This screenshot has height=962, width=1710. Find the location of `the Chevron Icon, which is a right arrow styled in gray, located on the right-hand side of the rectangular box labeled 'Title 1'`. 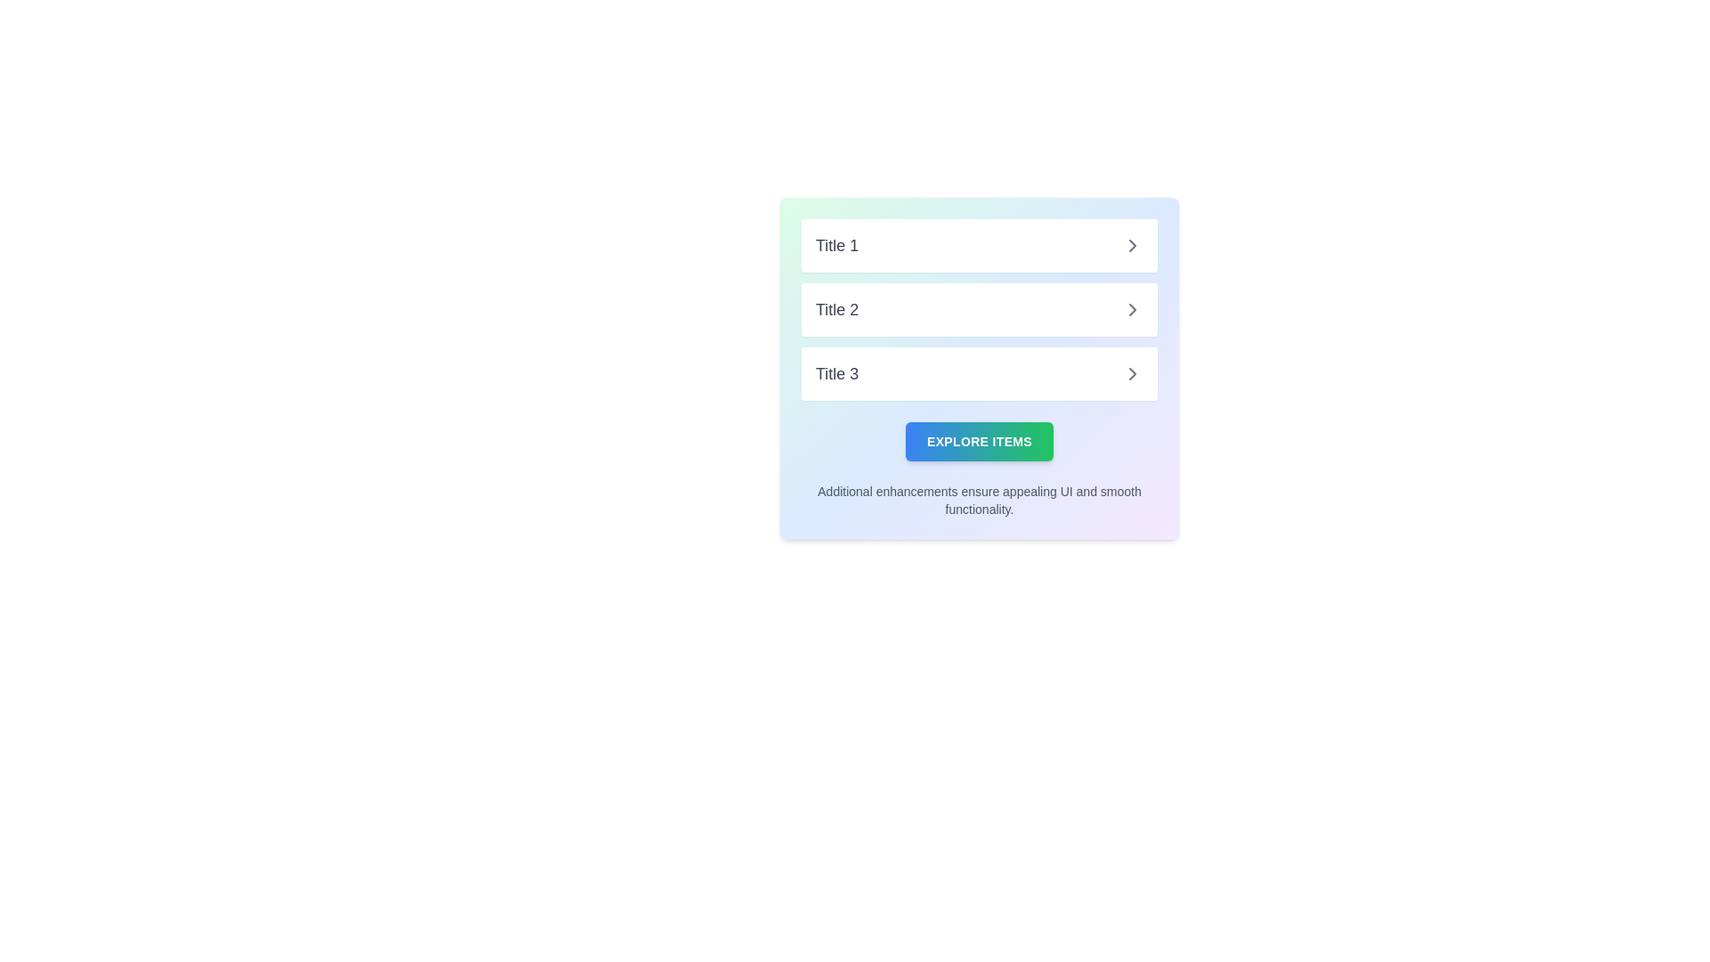

the Chevron Icon, which is a right arrow styled in gray, located on the right-hand side of the rectangular box labeled 'Title 1' is located at coordinates (1132, 246).